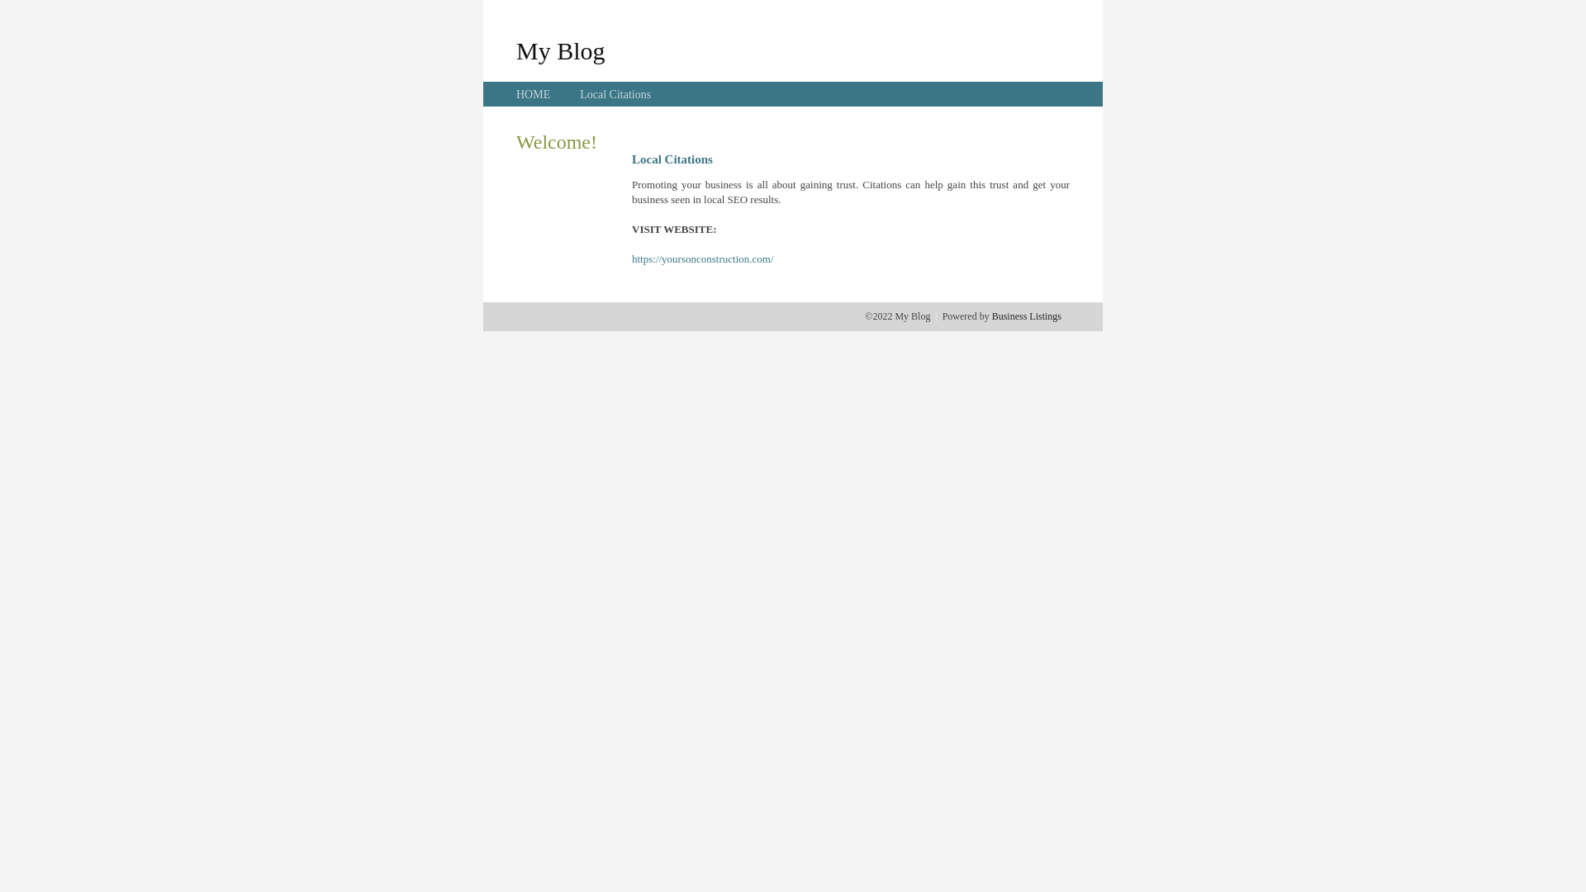  What do you see at coordinates (991, 316) in the screenshot?
I see `'Business Listings'` at bounding box center [991, 316].